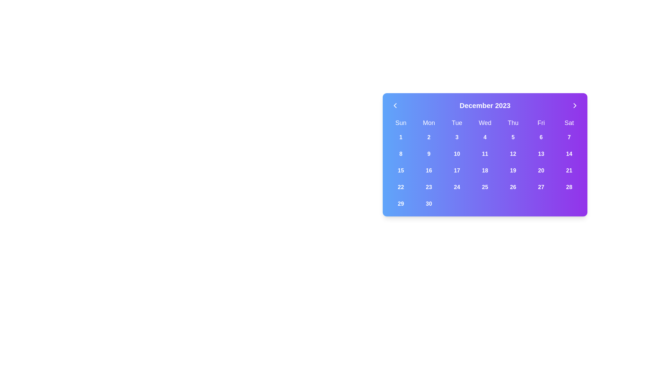  What do you see at coordinates (513, 122) in the screenshot?
I see `the Thursday text label in the calendar interface, which is the fifth label in the row for the days of the week` at bounding box center [513, 122].